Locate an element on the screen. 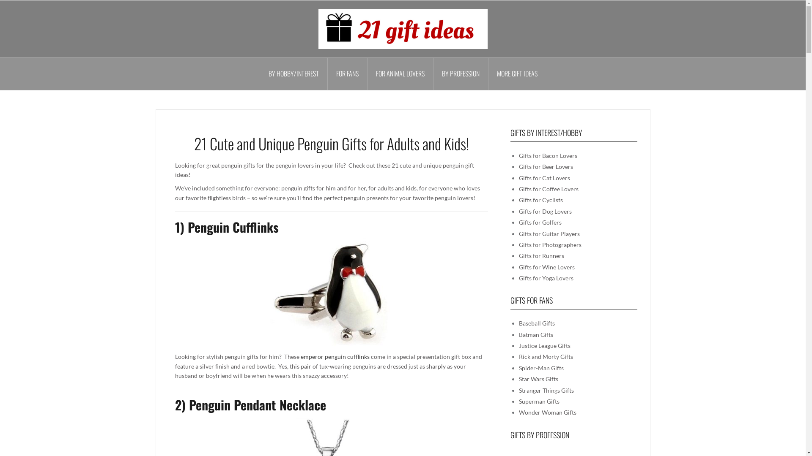  'Baseball Gifts' is located at coordinates (536, 323).